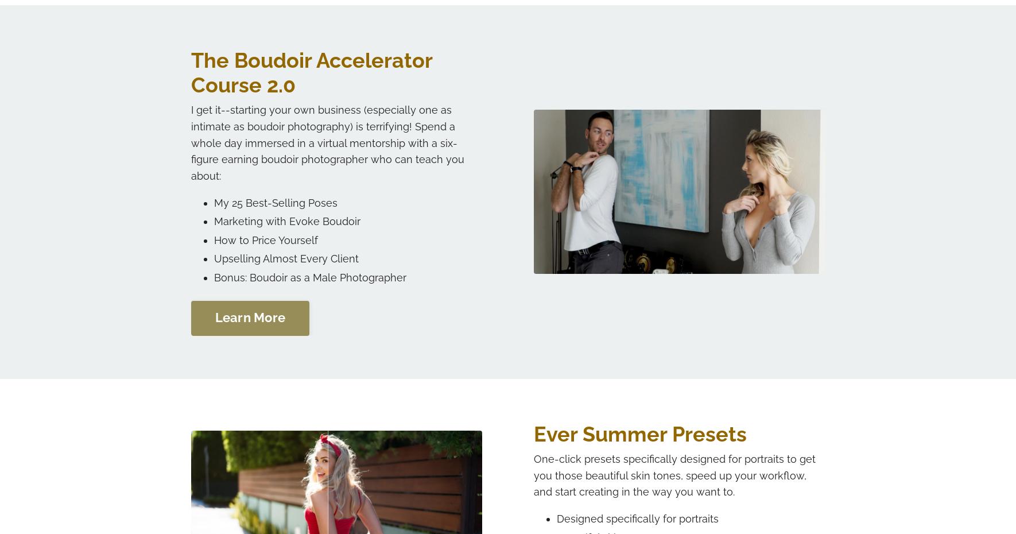  What do you see at coordinates (309, 276) in the screenshot?
I see `'Bonus: Boudoir as a Male Photographer'` at bounding box center [309, 276].